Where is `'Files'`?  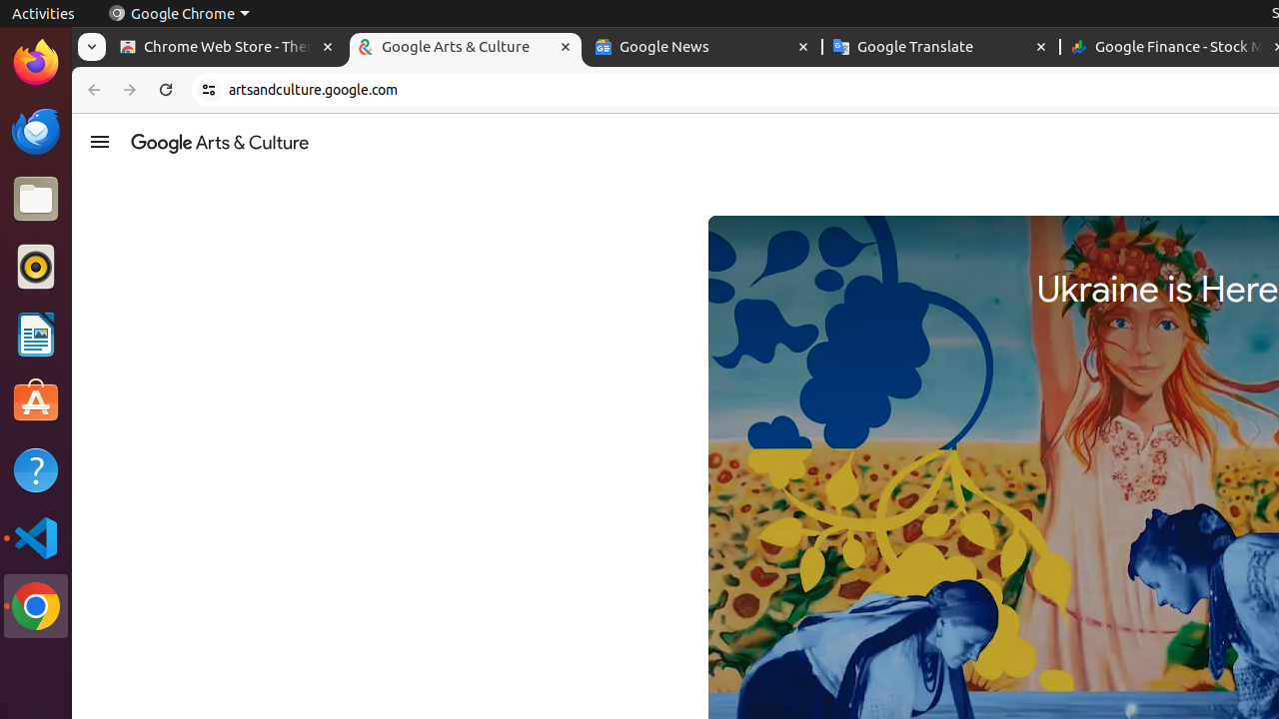 'Files' is located at coordinates (35, 199).